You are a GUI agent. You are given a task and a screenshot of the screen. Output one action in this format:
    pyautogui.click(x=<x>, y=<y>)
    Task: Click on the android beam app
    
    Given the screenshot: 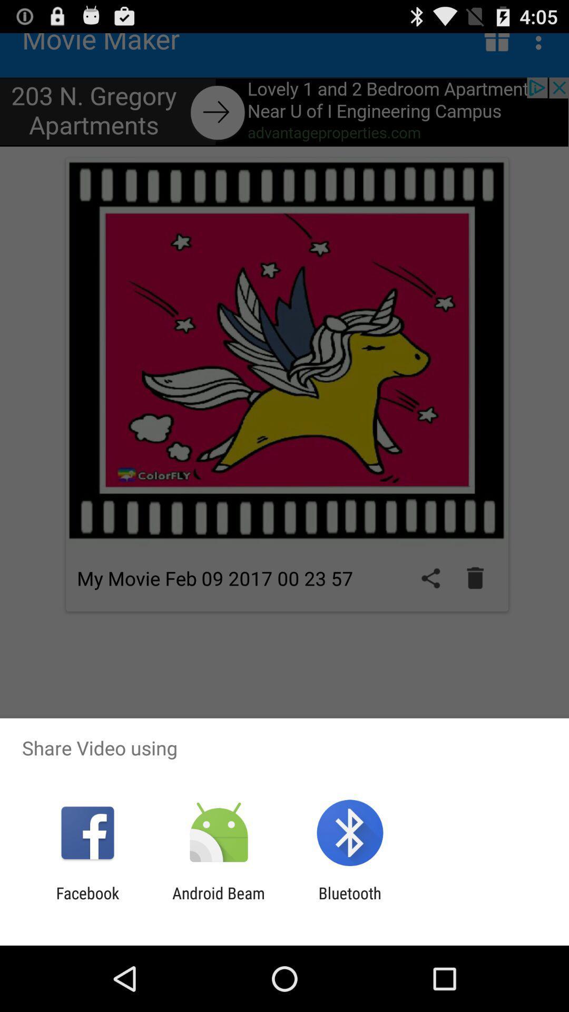 What is the action you would take?
    pyautogui.click(x=218, y=902)
    